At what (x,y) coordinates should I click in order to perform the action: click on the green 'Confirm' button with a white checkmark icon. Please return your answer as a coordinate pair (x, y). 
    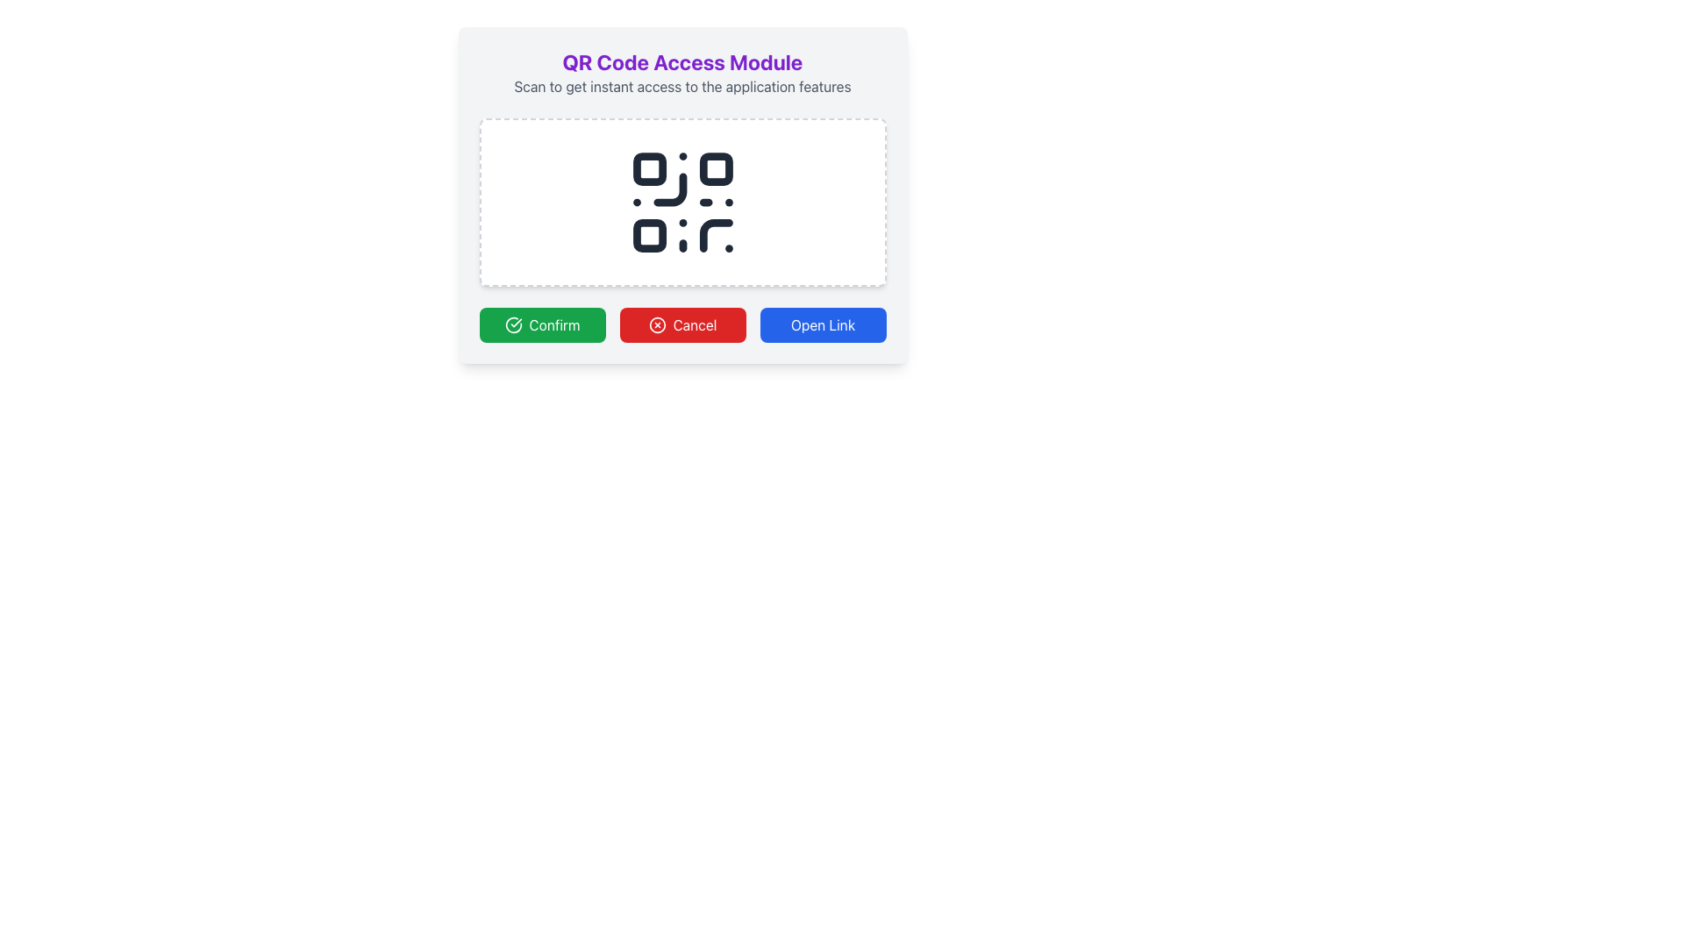
    Looking at the image, I should click on (541, 324).